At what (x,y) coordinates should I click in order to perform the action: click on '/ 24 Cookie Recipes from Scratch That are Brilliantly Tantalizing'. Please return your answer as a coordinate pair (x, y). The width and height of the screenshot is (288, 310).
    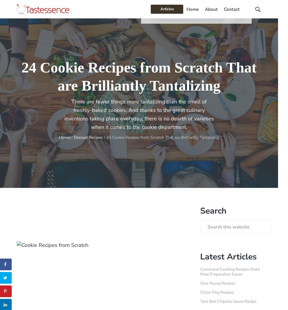
    Looking at the image, I should click on (160, 137).